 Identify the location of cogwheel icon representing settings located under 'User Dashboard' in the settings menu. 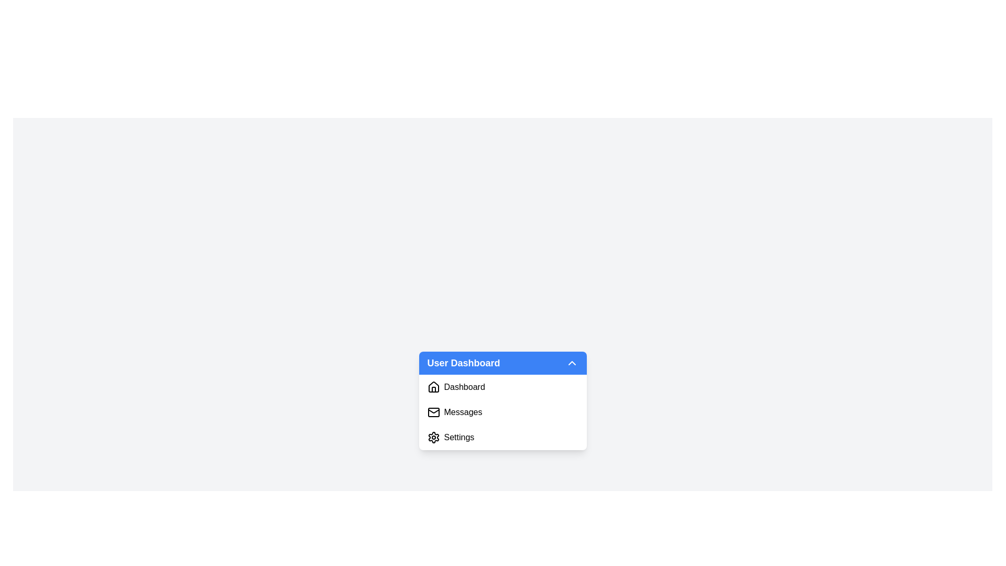
(433, 437).